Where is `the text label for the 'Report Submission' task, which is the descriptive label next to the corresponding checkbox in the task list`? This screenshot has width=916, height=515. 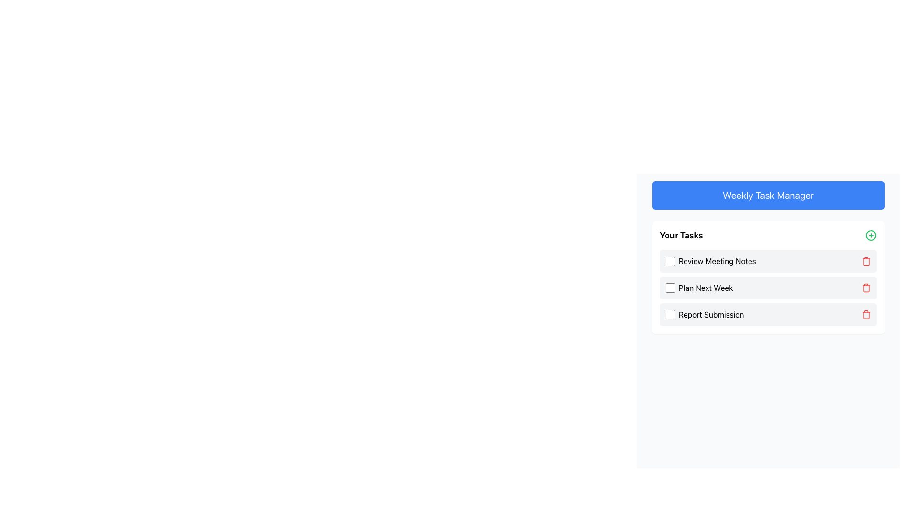
the text label for the 'Report Submission' task, which is the descriptive label next to the corresponding checkbox in the task list is located at coordinates (711, 314).